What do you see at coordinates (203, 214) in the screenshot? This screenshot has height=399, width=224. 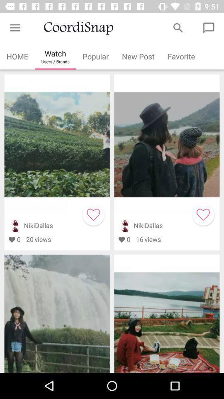 I see `like symbol` at bounding box center [203, 214].